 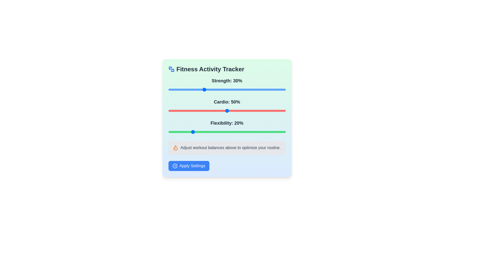 I want to click on cardio level, so click(x=214, y=110).